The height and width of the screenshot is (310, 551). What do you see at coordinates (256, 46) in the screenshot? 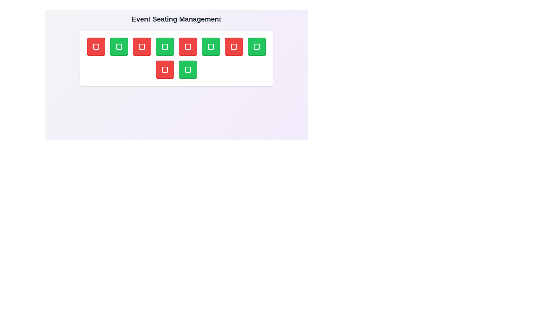
I see `the inner visual component located at the far-right corner of the button styled as a green square within a grid layout` at bounding box center [256, 46].